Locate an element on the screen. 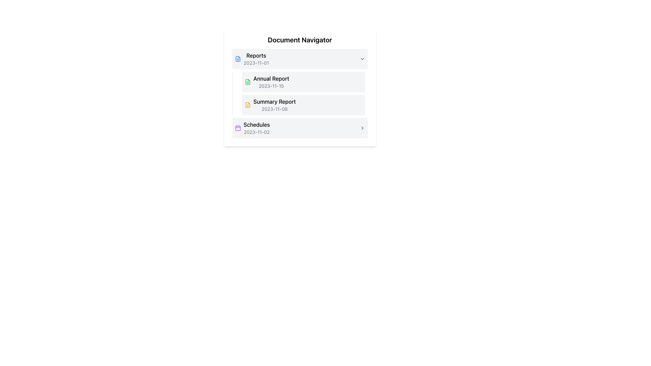 The height and width of the screenshot is (366, 651). the document icon in the 'Document Navigator' panel that visually represents a document preceding the 'Reports' text is located at coordinates (247, 105).